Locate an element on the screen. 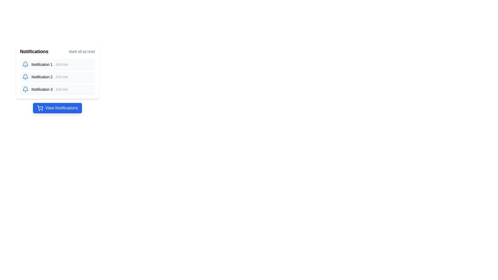  the text element 'Mark all as read' which is located to the right of the 'Notifications' header in the notifications panel is located at coordinates (81, 52).